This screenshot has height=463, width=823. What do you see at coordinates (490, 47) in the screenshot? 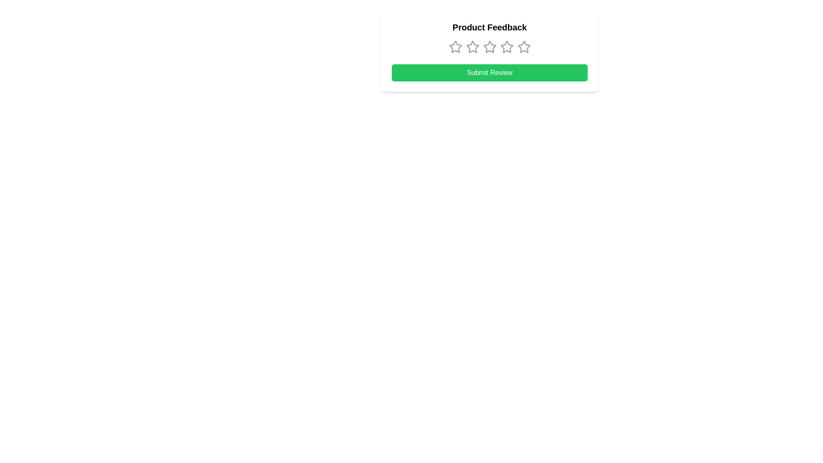
I see `the third clickable star icon in the rating section below 'Product Feedback'` at bounding box center [490, 47].